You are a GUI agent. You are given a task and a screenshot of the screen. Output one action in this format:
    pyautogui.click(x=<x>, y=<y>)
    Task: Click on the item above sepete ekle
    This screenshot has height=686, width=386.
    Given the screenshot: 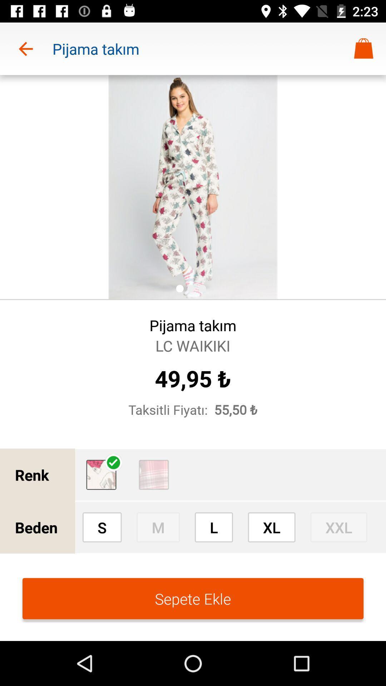 What is the action you would take?
    pyautogui.click(x=272, y=527)
    